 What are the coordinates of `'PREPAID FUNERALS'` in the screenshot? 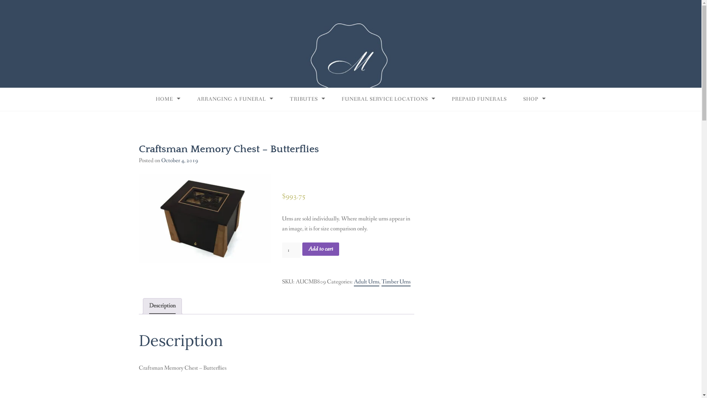 It's located at (479, 99).